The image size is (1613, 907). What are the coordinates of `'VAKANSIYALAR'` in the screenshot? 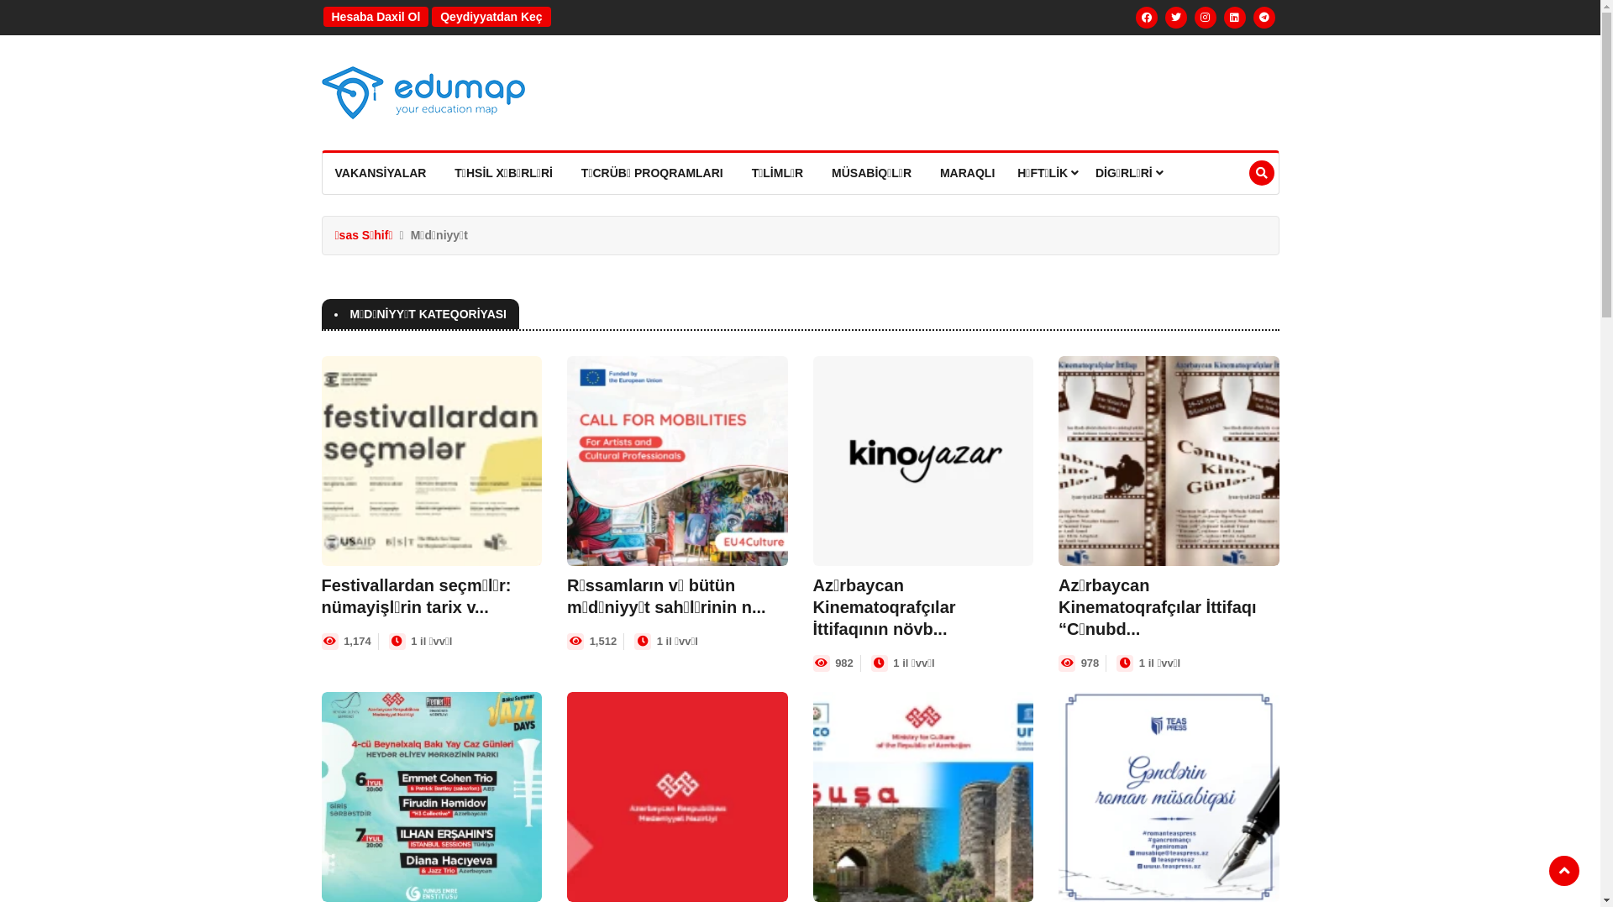 It's located at (380, 173).